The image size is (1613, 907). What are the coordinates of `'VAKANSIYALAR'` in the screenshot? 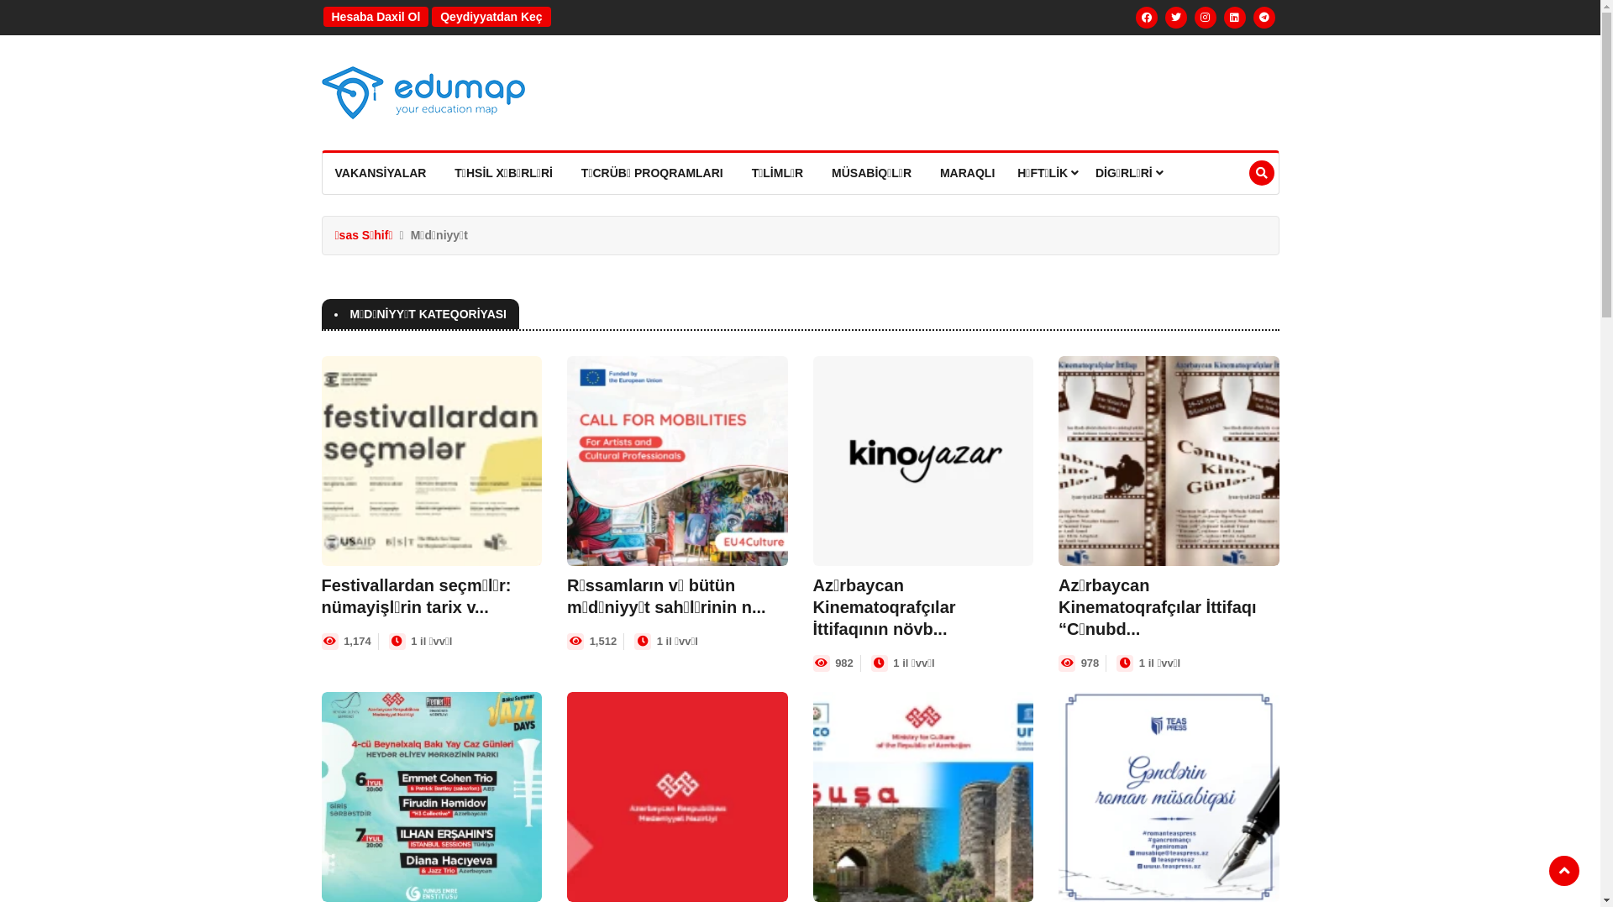 It's located at (380, 173).